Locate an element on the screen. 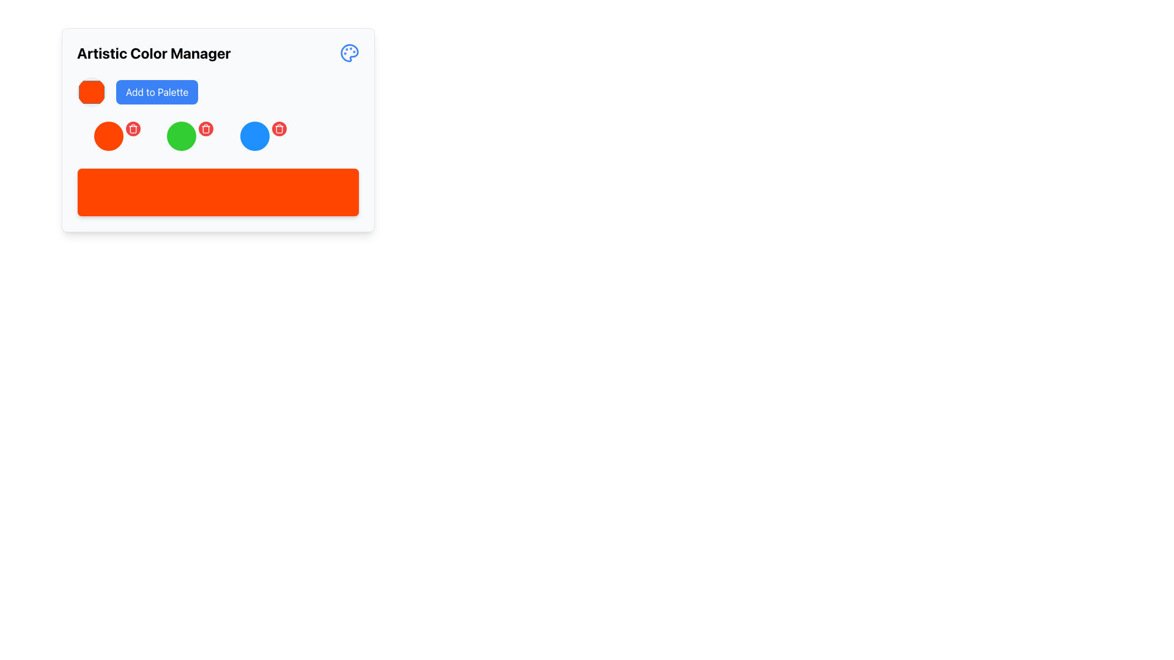 The height and width of the screenshot is (660, 1174). the red circular delete button located on the top-right edge of the blue circular item in the 'Artistic Color Manager' module is located at coordinates (278, 129).